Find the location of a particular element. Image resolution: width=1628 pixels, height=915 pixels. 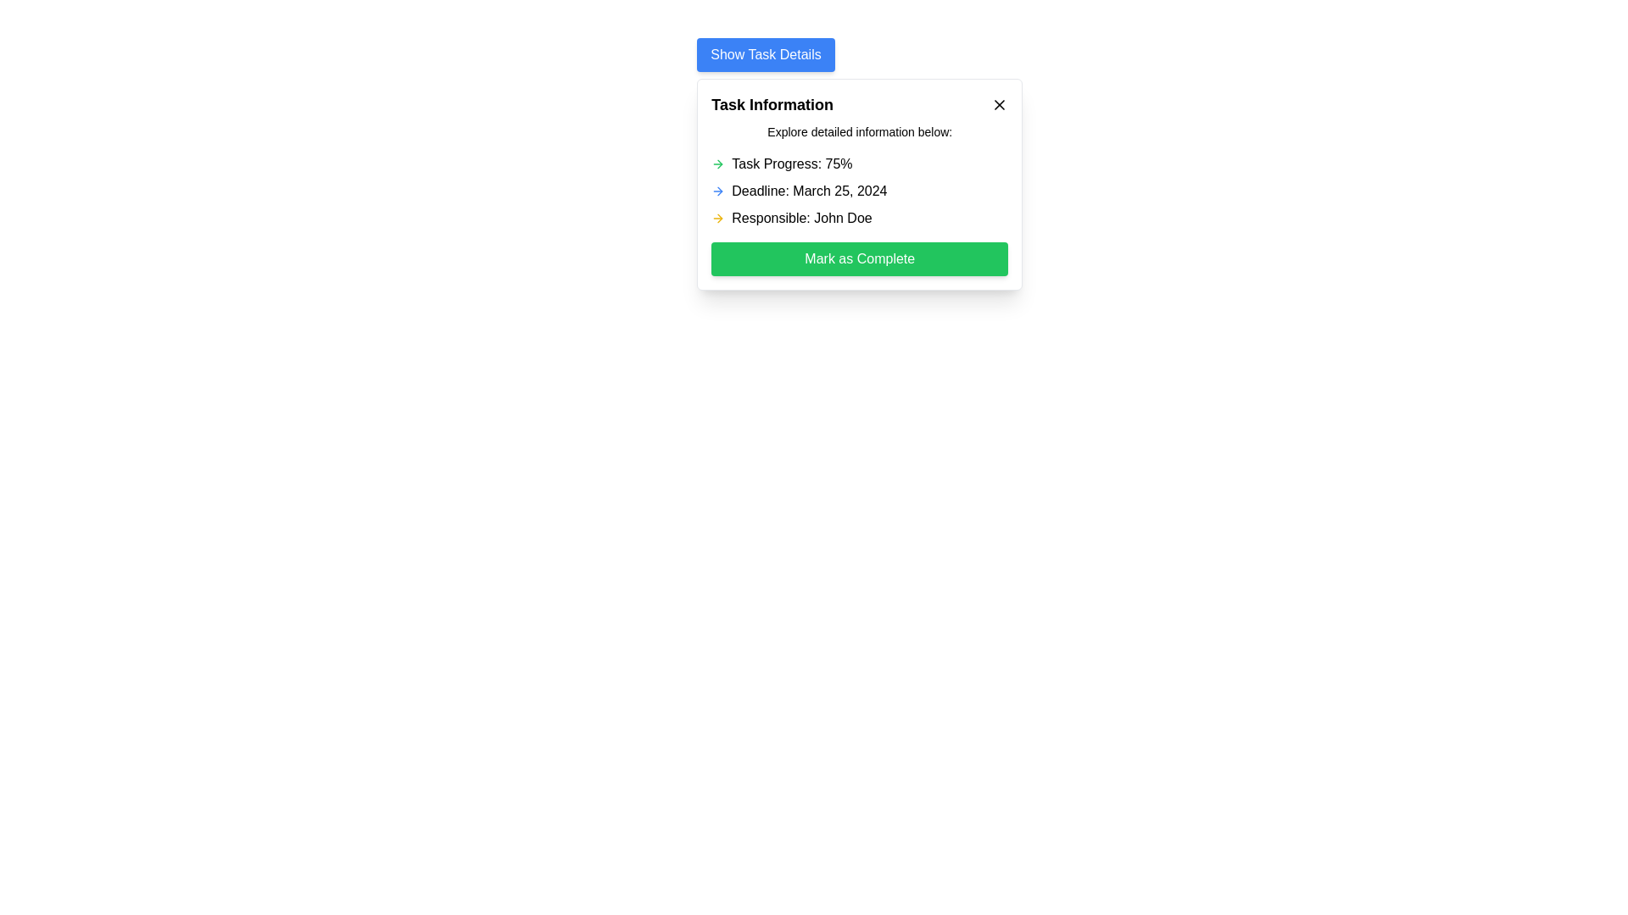

text 'Deadline: March 25, 2024' from the Text with Icon element located below 'Task Progress: 75%' and above 'Responsible: John Doe' is located at coordinates (860, 191).